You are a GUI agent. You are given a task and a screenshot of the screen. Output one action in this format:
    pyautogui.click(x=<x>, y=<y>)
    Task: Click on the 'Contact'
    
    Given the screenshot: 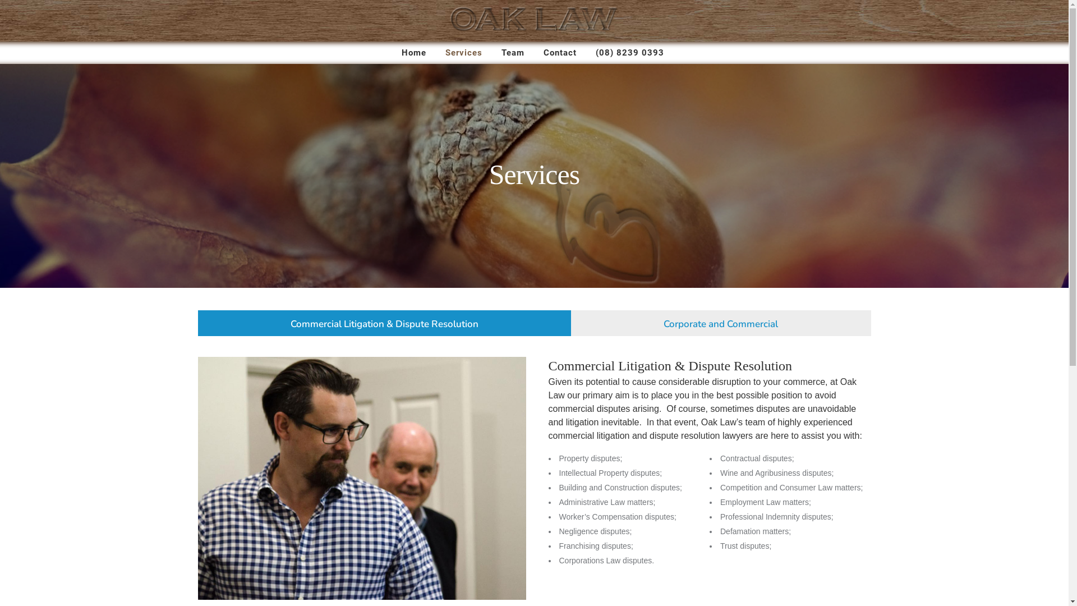 What is the action you would take?
    pyautogui.click(x=560, y=52)
    